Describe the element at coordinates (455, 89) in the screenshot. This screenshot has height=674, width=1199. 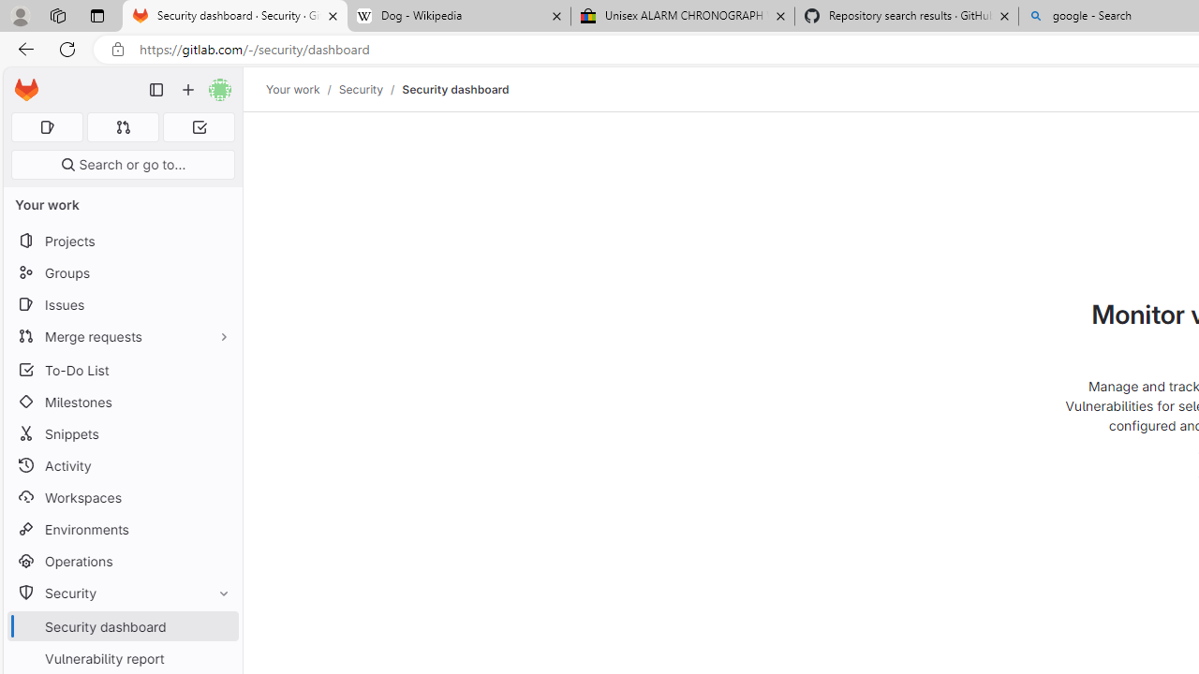
I see `'Security dashboard'` at that location.